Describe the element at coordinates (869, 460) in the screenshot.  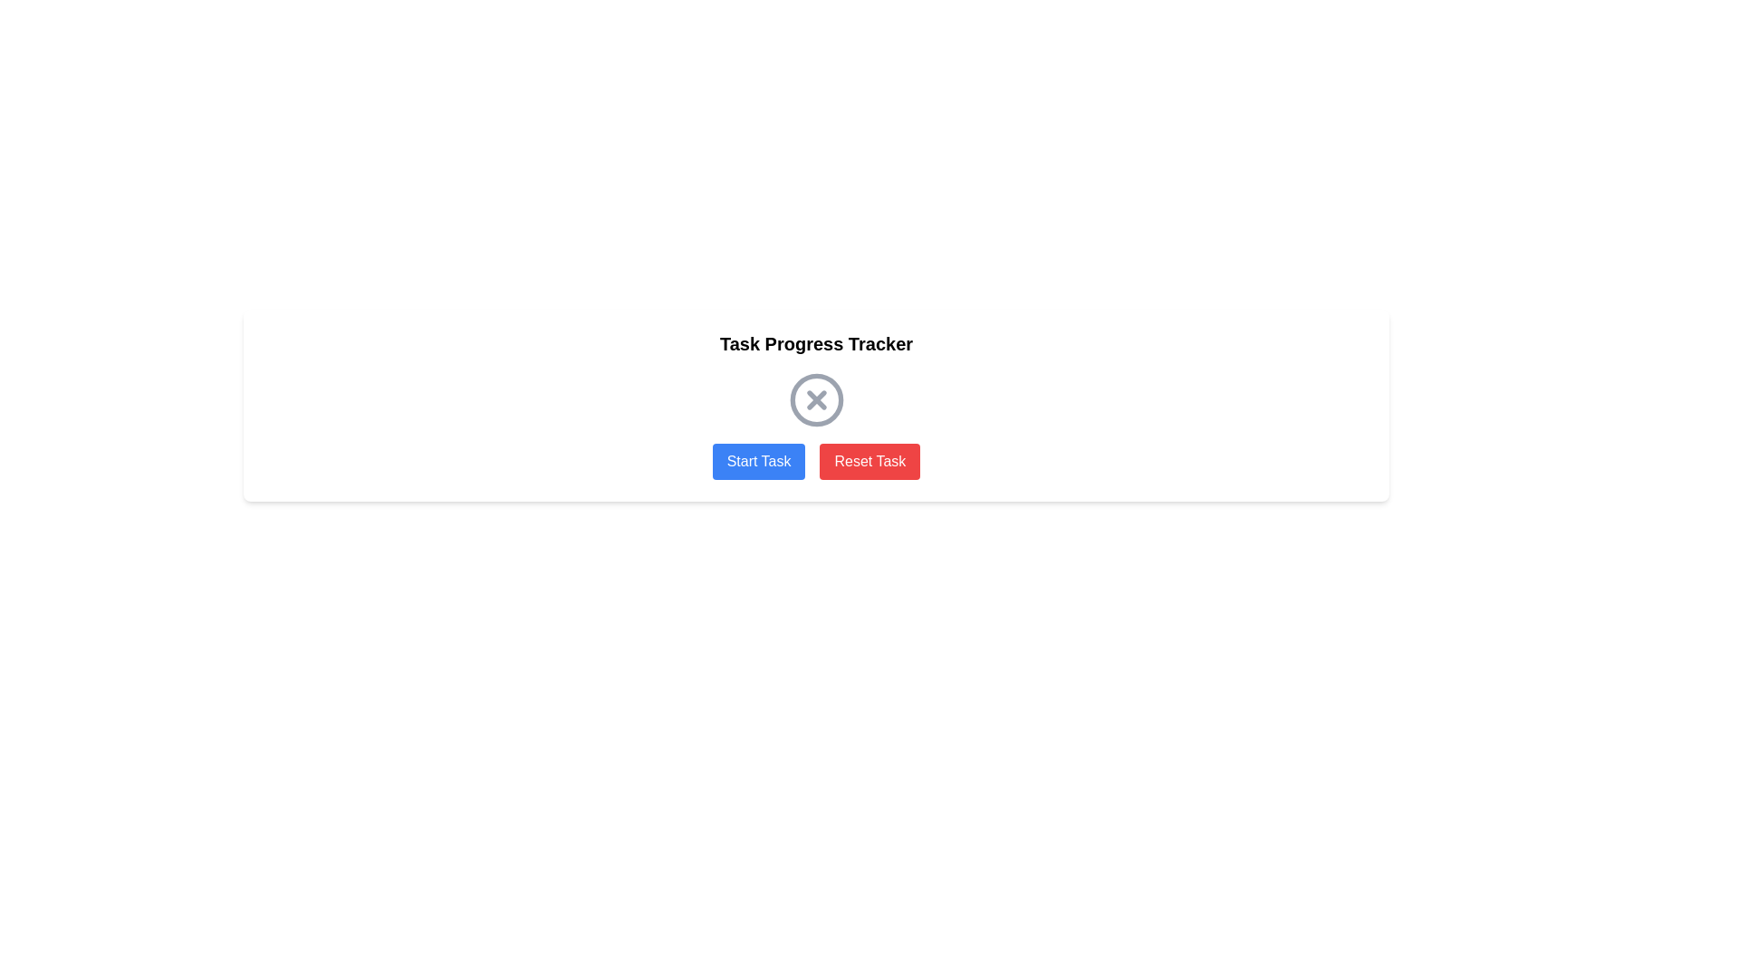
I see `the red 'Reset Task' button located below the 'Task Progress Tracker' text and to the right of the 'Start Task' button to reset the task` at that location.